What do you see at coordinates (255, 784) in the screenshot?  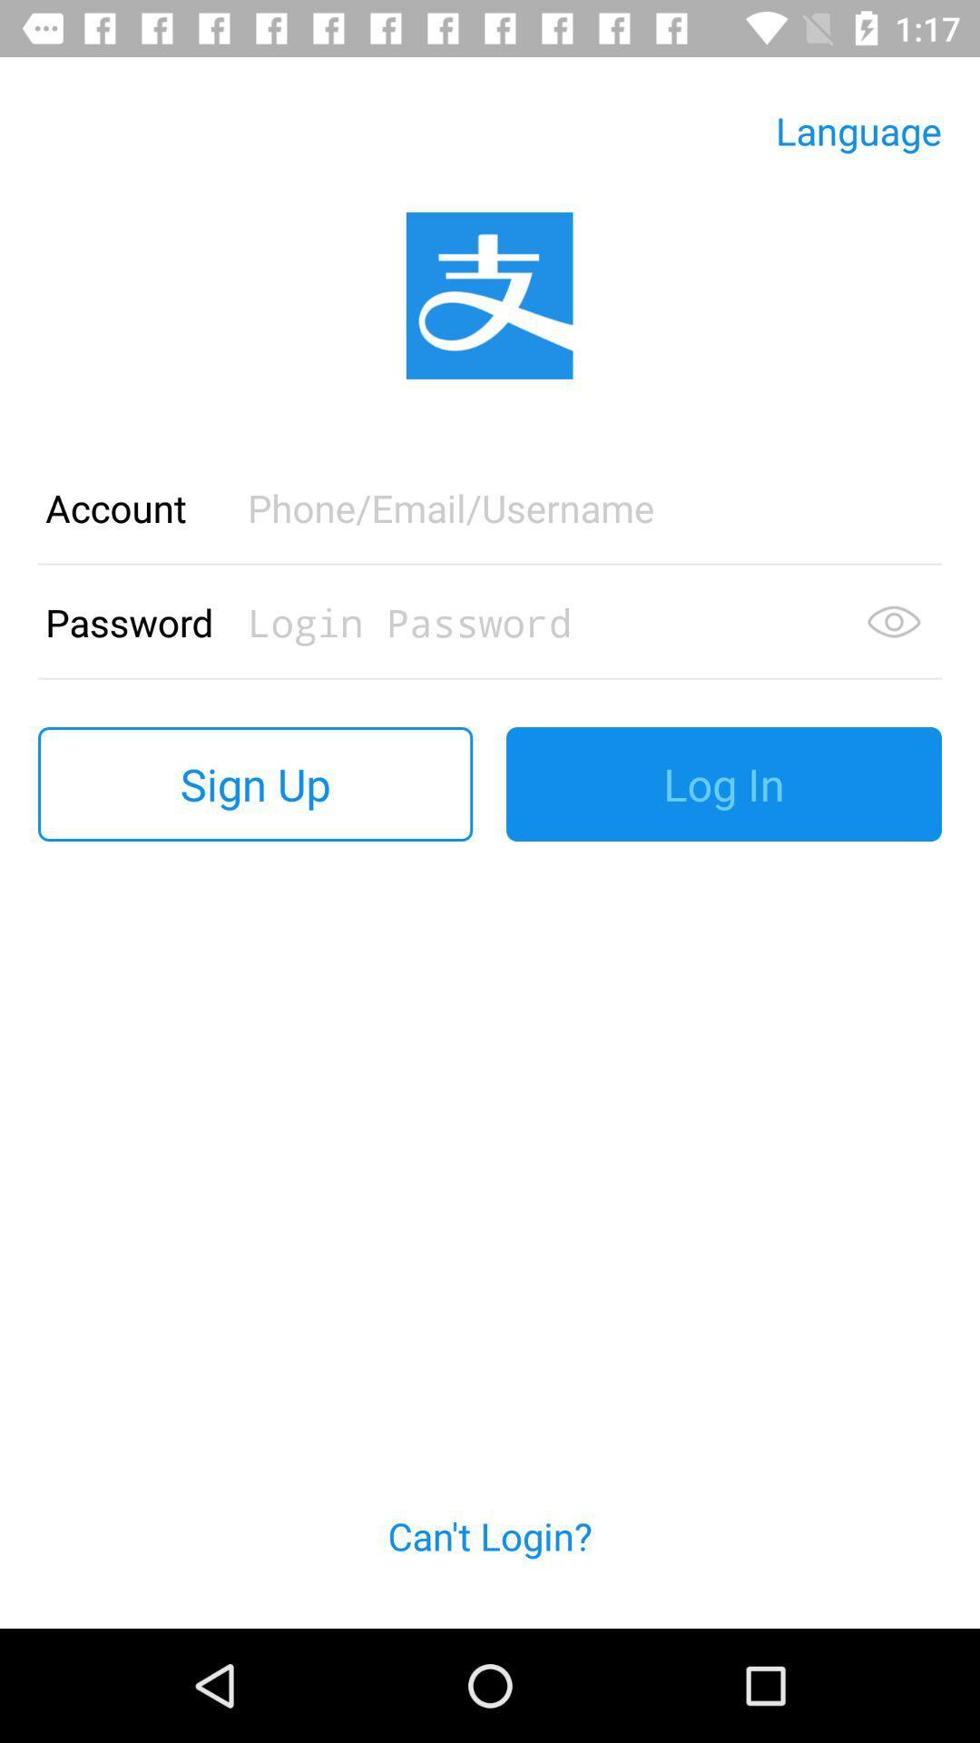 I see `the item above can't login? app` at bounding box center [255, 784].